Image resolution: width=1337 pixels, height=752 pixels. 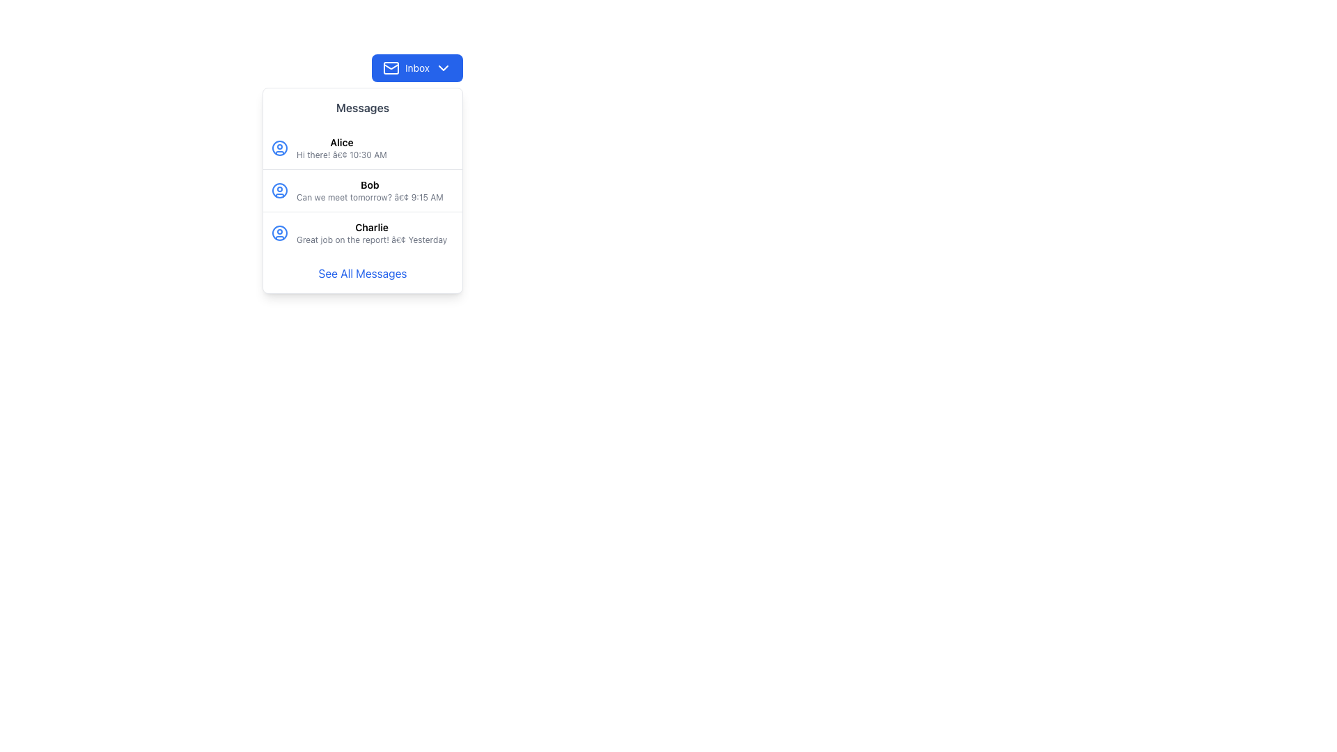 I want to click on the blue text link labeled 'See All Messages' located at the bottom of the pop-up panel, so click(x=363, y=274).